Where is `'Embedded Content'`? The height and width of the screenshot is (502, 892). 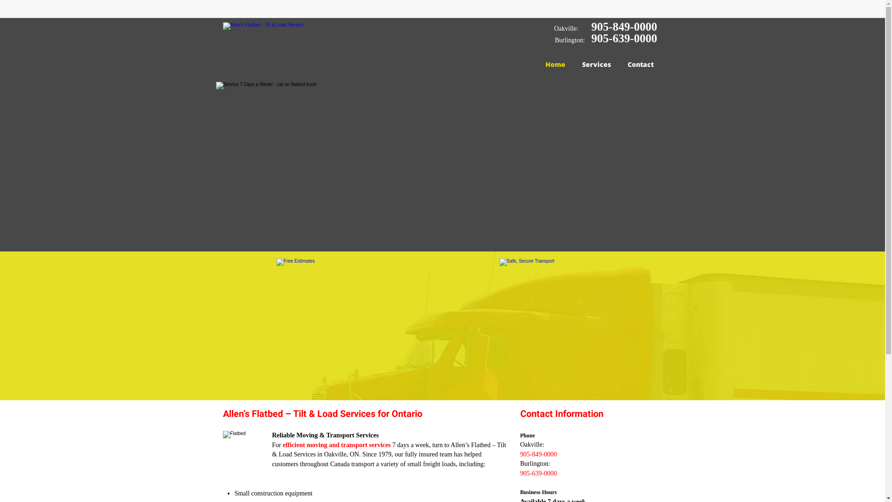
'Embedded Content' is located at coordinates (631, 12).